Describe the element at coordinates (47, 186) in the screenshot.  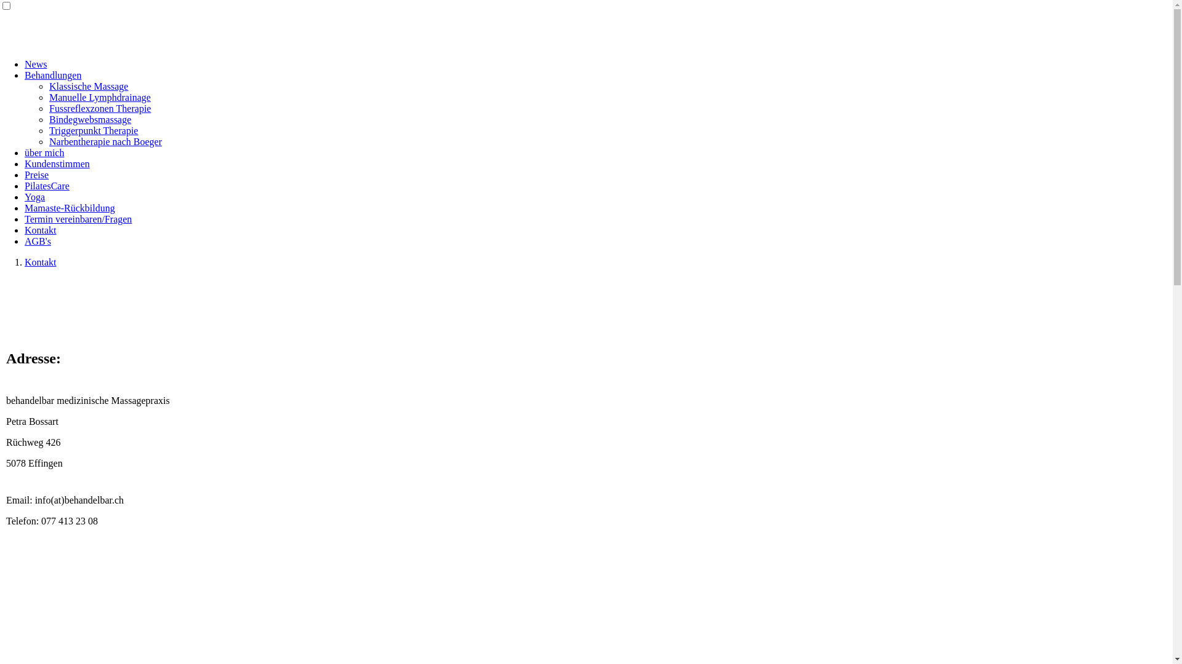
I see `'PilatesCare'` at that location.